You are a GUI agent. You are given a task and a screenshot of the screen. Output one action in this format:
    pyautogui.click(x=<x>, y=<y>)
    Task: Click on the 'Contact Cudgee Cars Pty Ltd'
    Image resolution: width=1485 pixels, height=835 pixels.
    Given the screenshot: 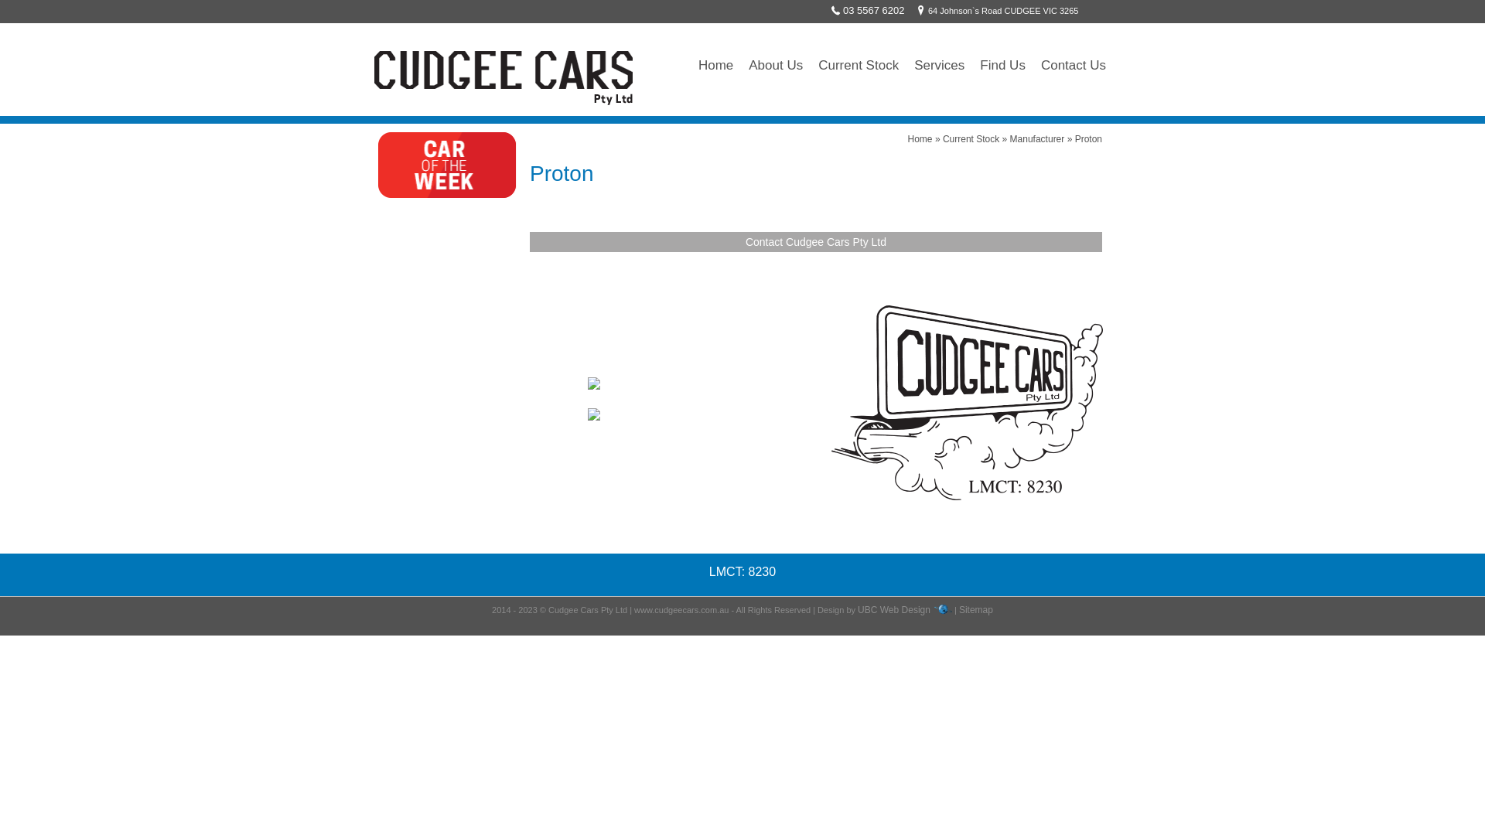 What is the action you would take?
    pyautogui.click(x=746, y=241)
    